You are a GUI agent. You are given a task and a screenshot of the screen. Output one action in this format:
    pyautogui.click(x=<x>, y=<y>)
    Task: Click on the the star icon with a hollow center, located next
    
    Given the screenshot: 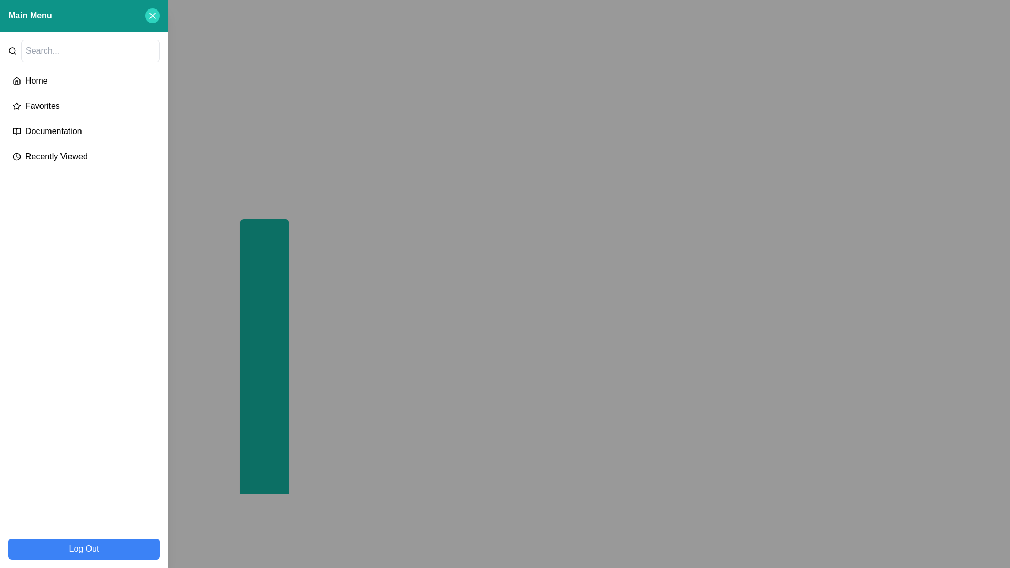 What is the action you would take?
    pyautogui.click(x=17, y=106)
    